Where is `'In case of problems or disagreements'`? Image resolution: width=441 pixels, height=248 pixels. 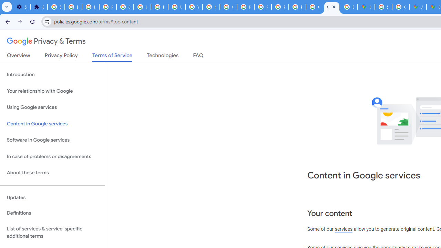
'In case of problems or disagreements' is located at coordinates (52, 156).